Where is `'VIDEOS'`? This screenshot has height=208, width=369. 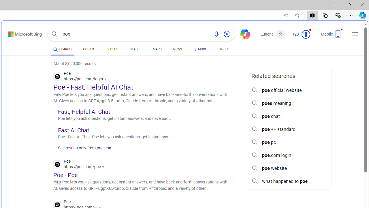
'VIDEOS' is located at coordinates (113, 50).